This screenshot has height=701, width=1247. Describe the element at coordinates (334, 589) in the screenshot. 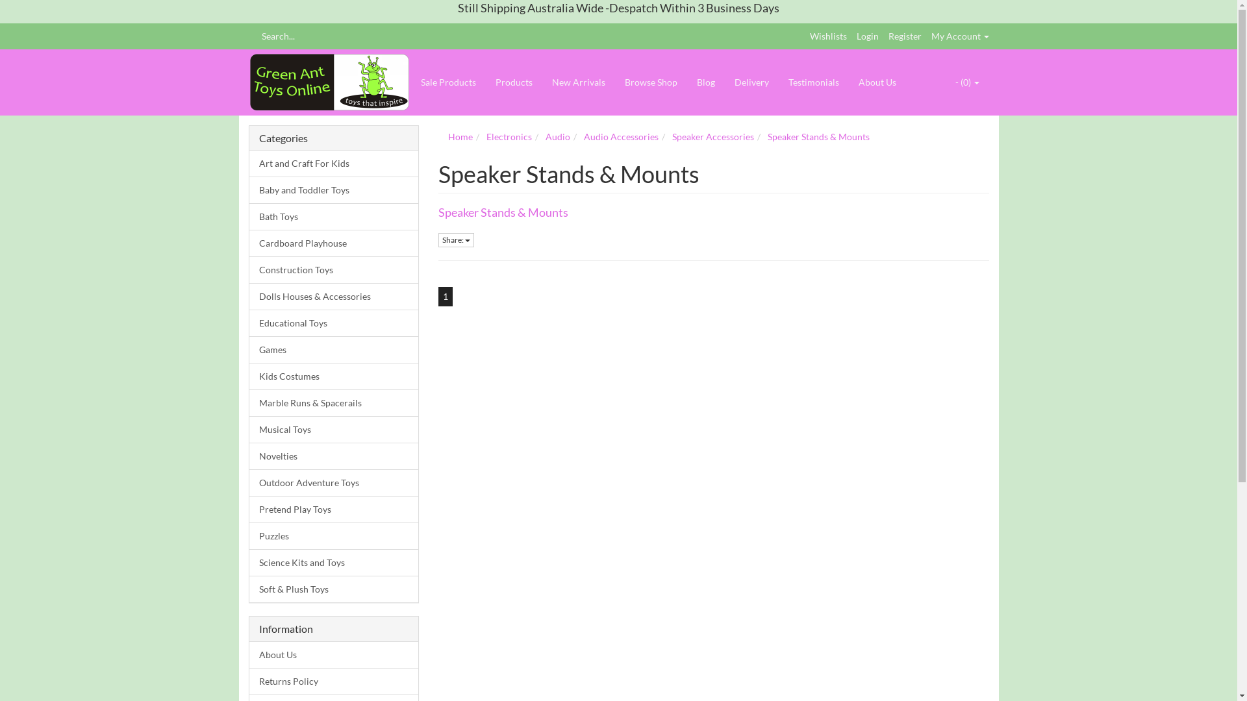

I see `'Soft & Plush Toys'` at that location.